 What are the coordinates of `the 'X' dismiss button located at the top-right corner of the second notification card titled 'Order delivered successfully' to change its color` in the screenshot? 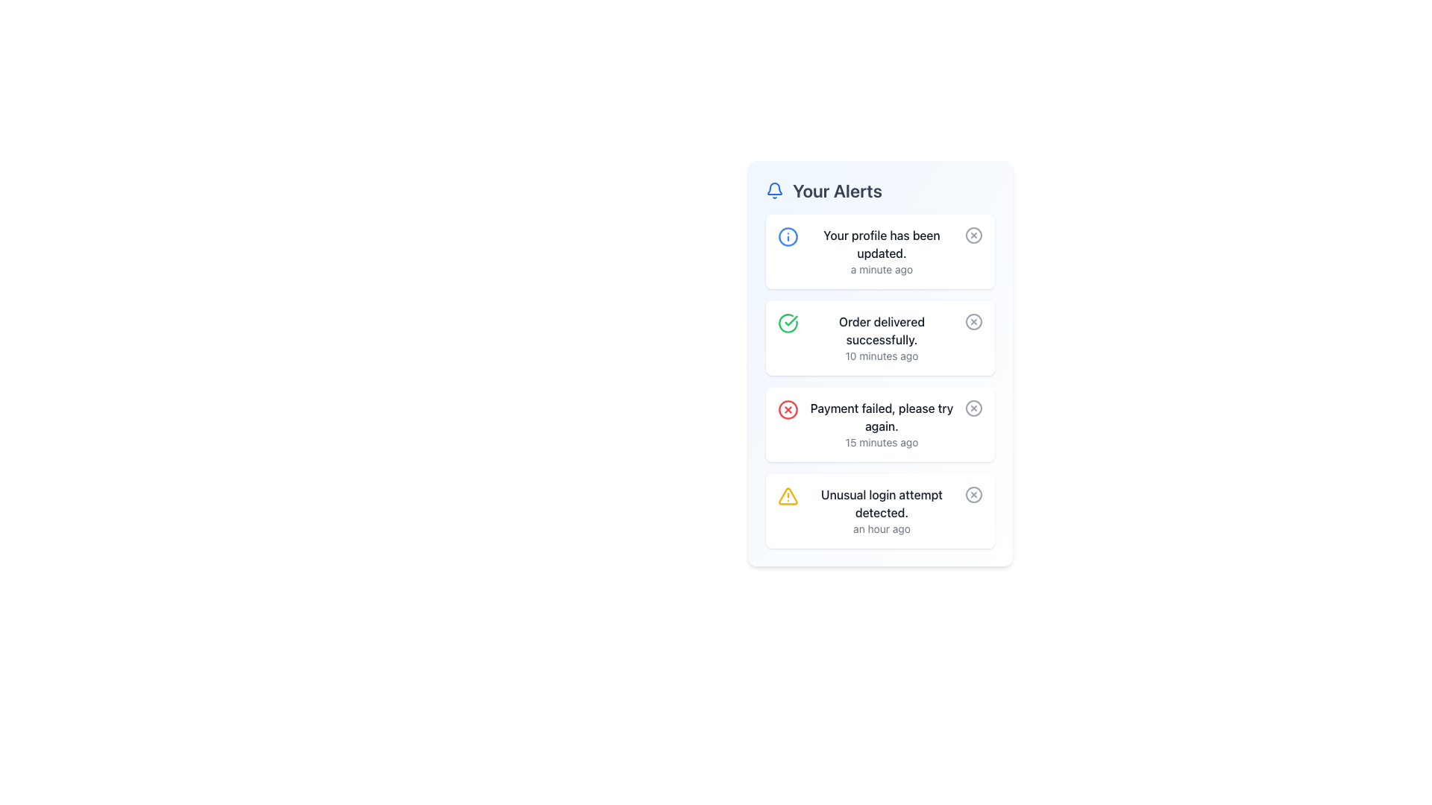 It's located at (973, 321).